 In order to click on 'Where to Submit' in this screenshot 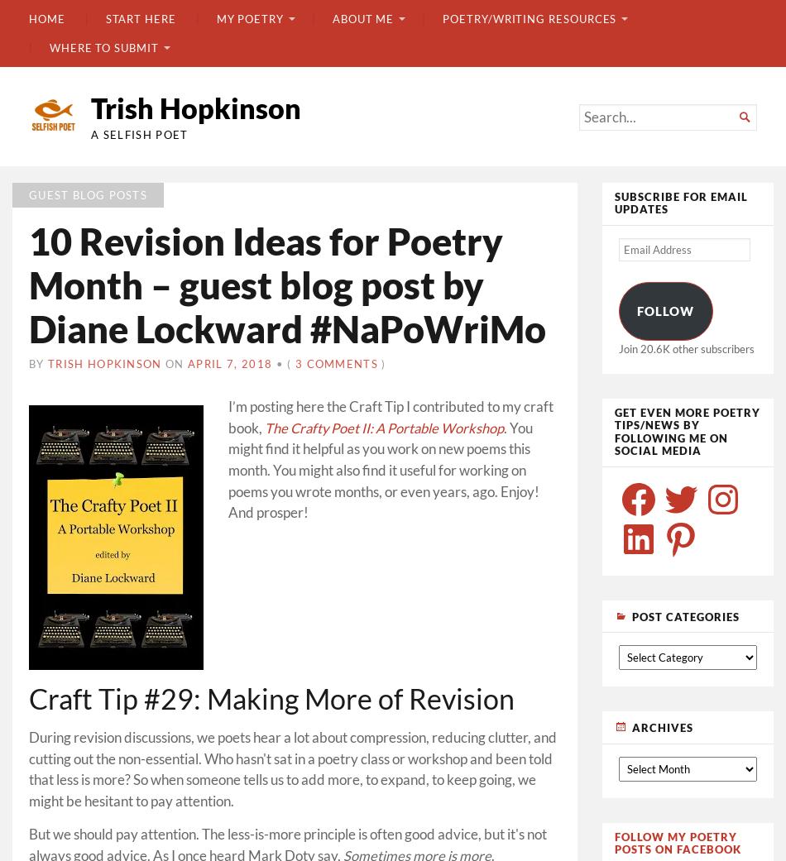, I will do `click(48, 46)`.